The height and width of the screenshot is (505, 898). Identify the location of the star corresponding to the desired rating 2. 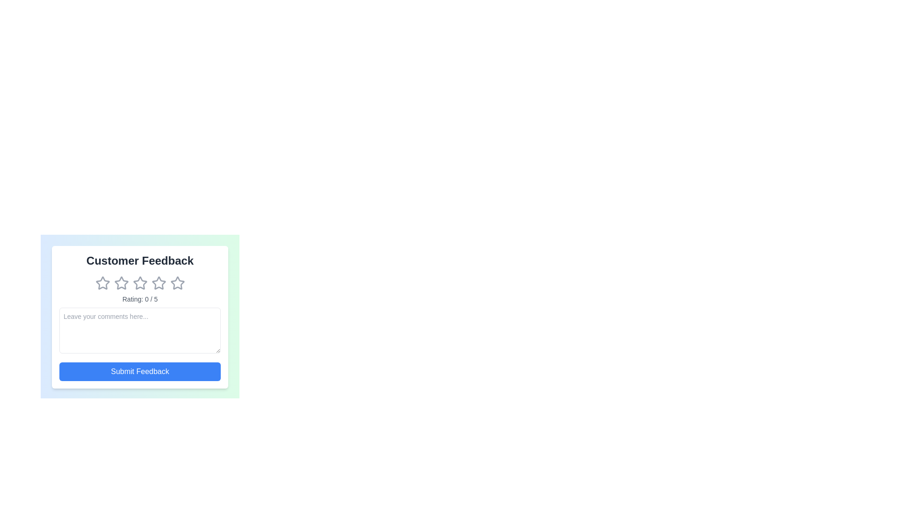
(121, 282).